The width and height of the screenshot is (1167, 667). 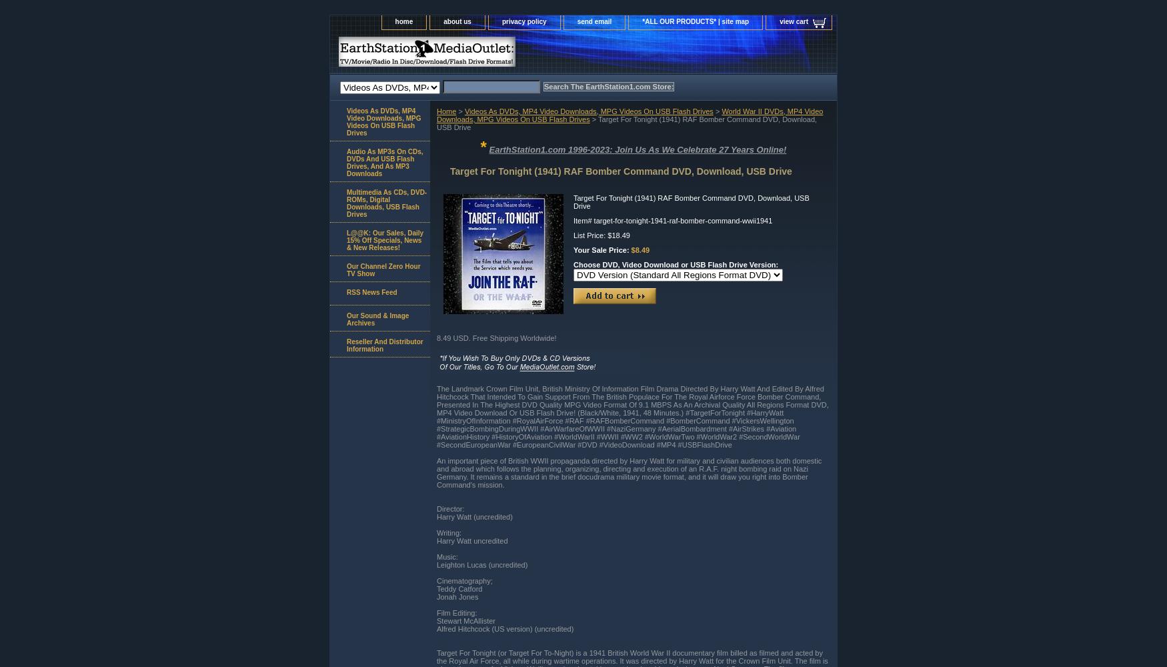 I want to click on '> Target For Tonight (1941) RAF Bomber Command DVD, Download, USB Drive', so click(x=626, y=123).